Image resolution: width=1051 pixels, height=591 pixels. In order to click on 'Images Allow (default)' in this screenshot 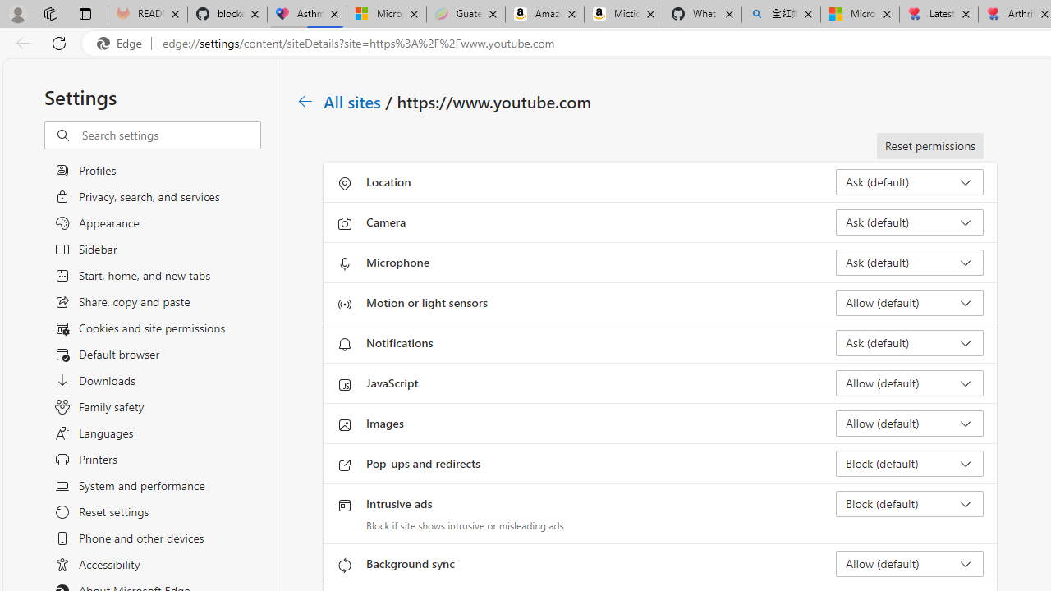, I will do `click(908, 422)`.